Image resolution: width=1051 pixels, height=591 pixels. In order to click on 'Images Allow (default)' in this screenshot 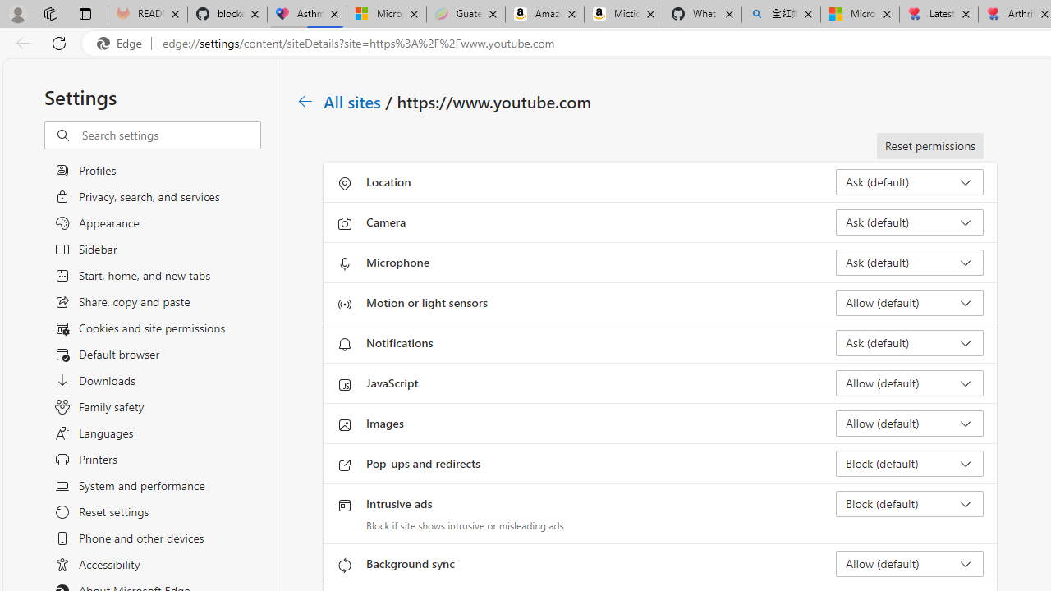, I will do `click(908, 422)`.